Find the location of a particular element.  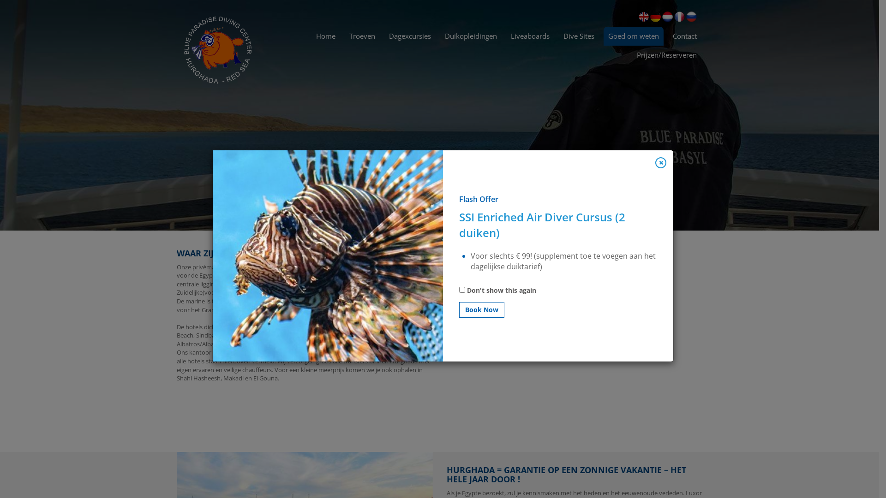

'Book Now' is located at coordinates (481, 309).